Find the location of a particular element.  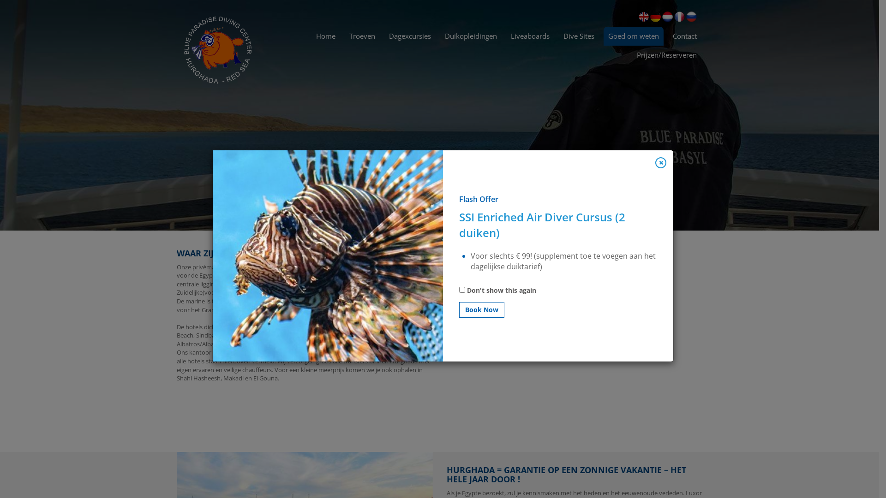

'Book Now' is located at coordinates (481, 309).